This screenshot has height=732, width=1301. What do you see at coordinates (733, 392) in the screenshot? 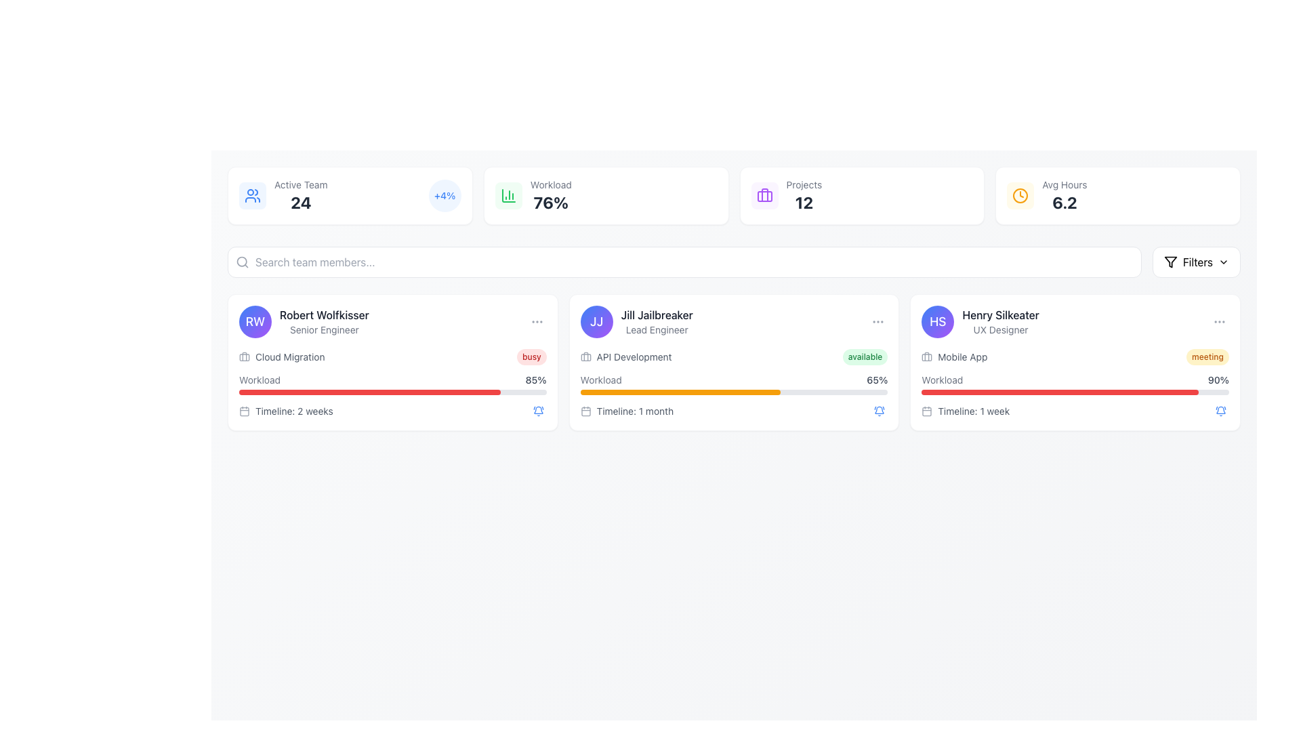
I see `the progress bar representing the workload percentage (65%) for the individual Jill Jailbreaker, located in the middle card of the interface` at bounding box center [733, 392].